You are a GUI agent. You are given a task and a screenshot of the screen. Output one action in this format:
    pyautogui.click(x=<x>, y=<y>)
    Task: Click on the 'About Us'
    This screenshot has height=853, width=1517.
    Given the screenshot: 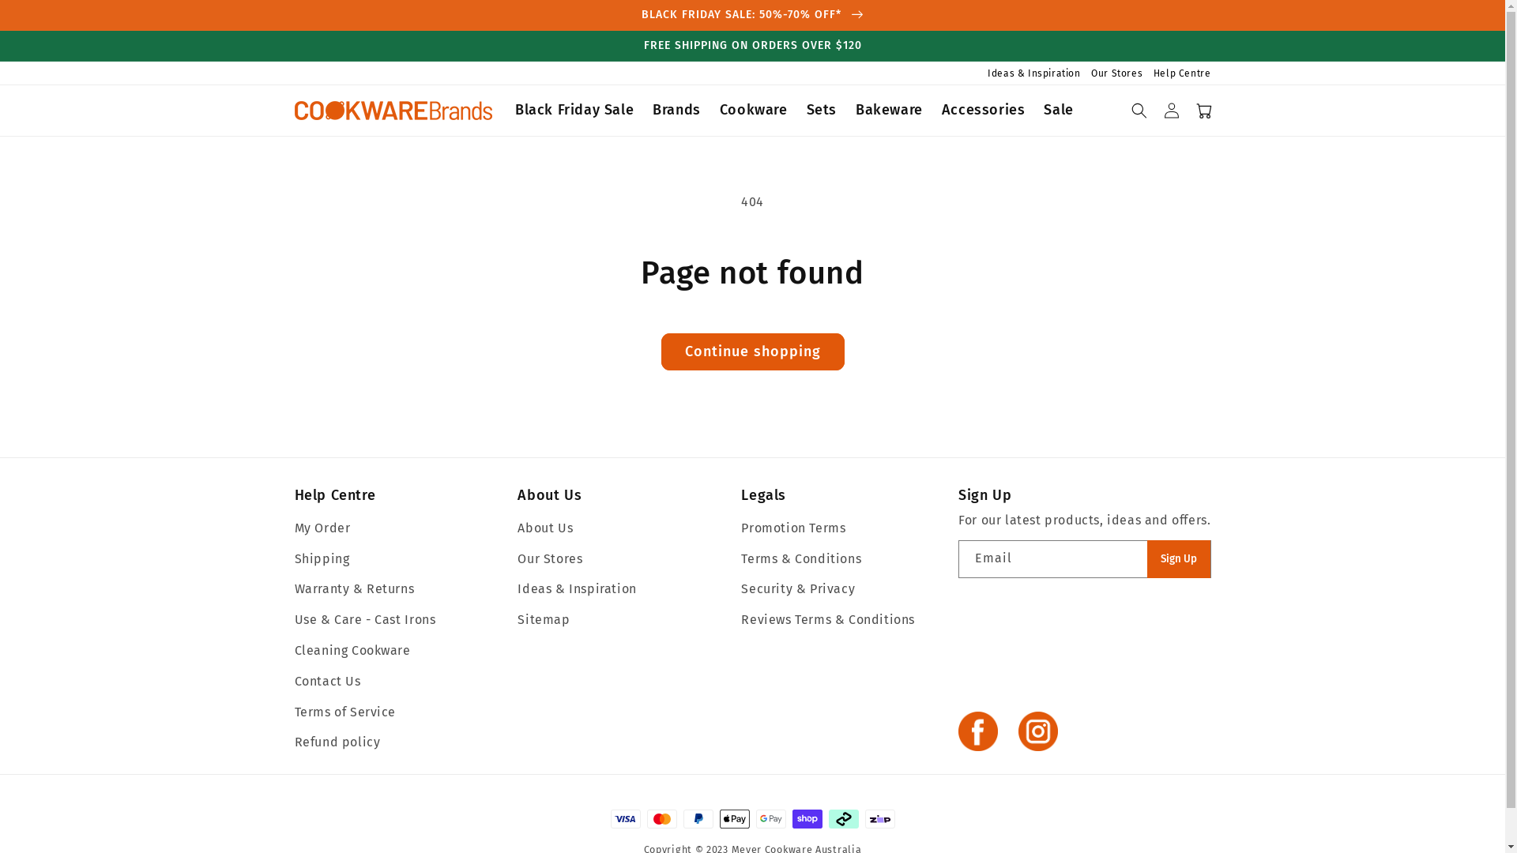 What is the action you would take?
    pyautogui.click(x=625, y=494)
    